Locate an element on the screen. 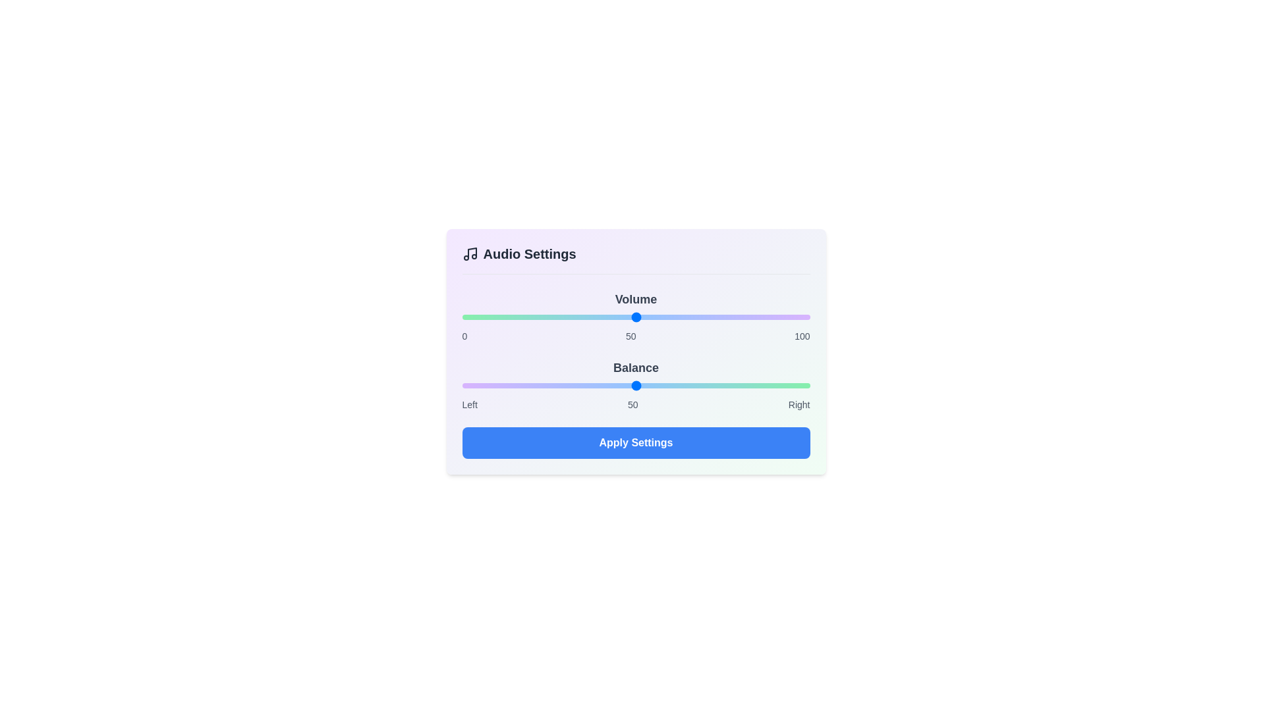  balance is located at coordinates (657, 385).